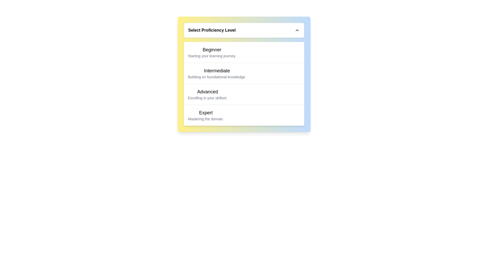  What do you see at coordinates (212, 50) in the screenshot?
I see `text label indicating the beginner level in the proficiency selection menu, located in the top-left section of the list layout` at bounding box center [212, 50].